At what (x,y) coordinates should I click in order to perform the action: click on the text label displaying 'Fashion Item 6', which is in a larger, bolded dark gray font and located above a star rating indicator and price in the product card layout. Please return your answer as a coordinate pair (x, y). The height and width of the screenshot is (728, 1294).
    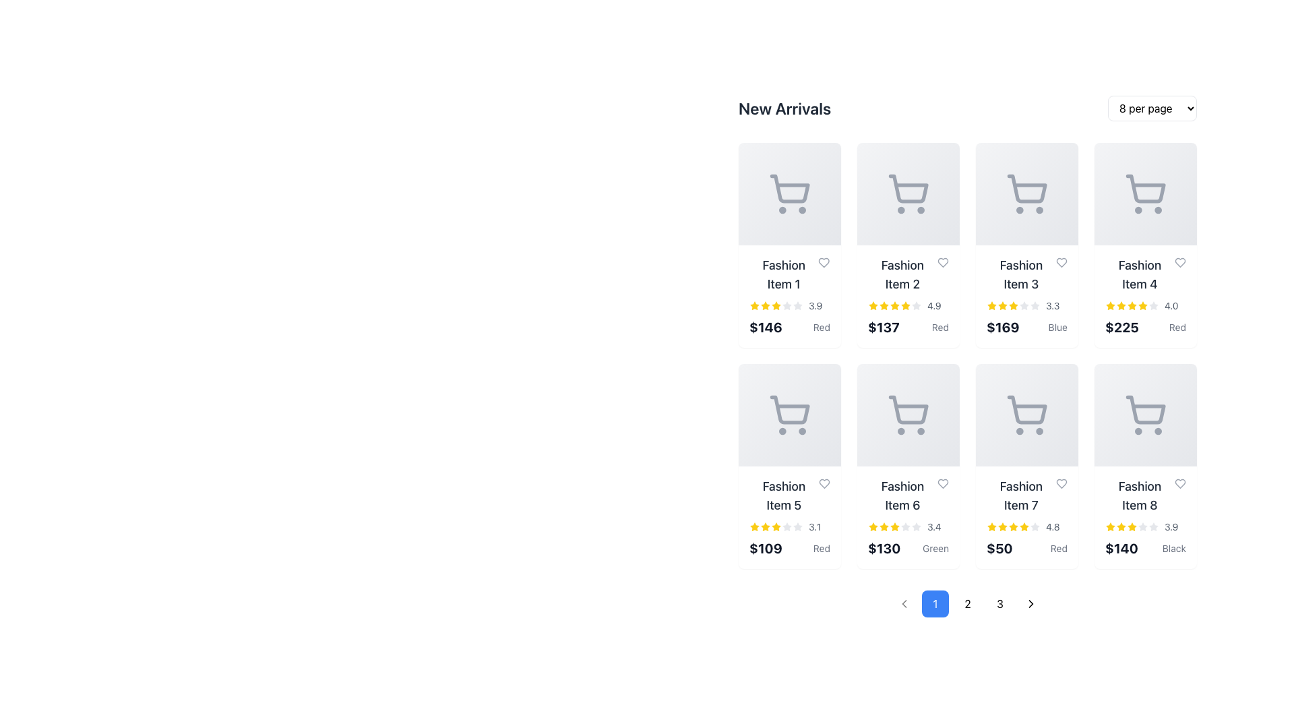
    Looking at the image, I should click on (902, 496).